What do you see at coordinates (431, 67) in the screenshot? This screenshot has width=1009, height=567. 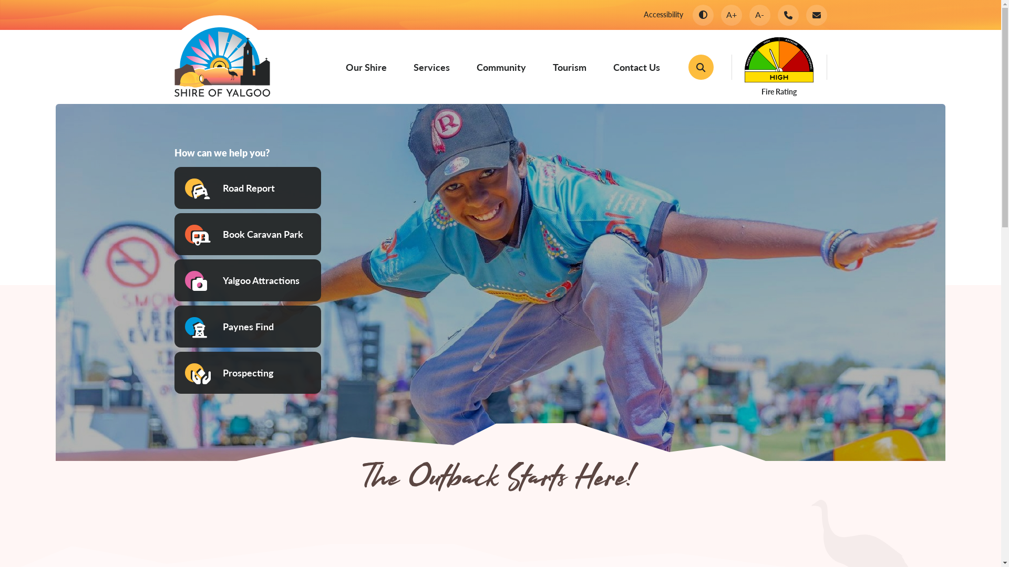 I see `'Services'` at bounding box center [431, 67].